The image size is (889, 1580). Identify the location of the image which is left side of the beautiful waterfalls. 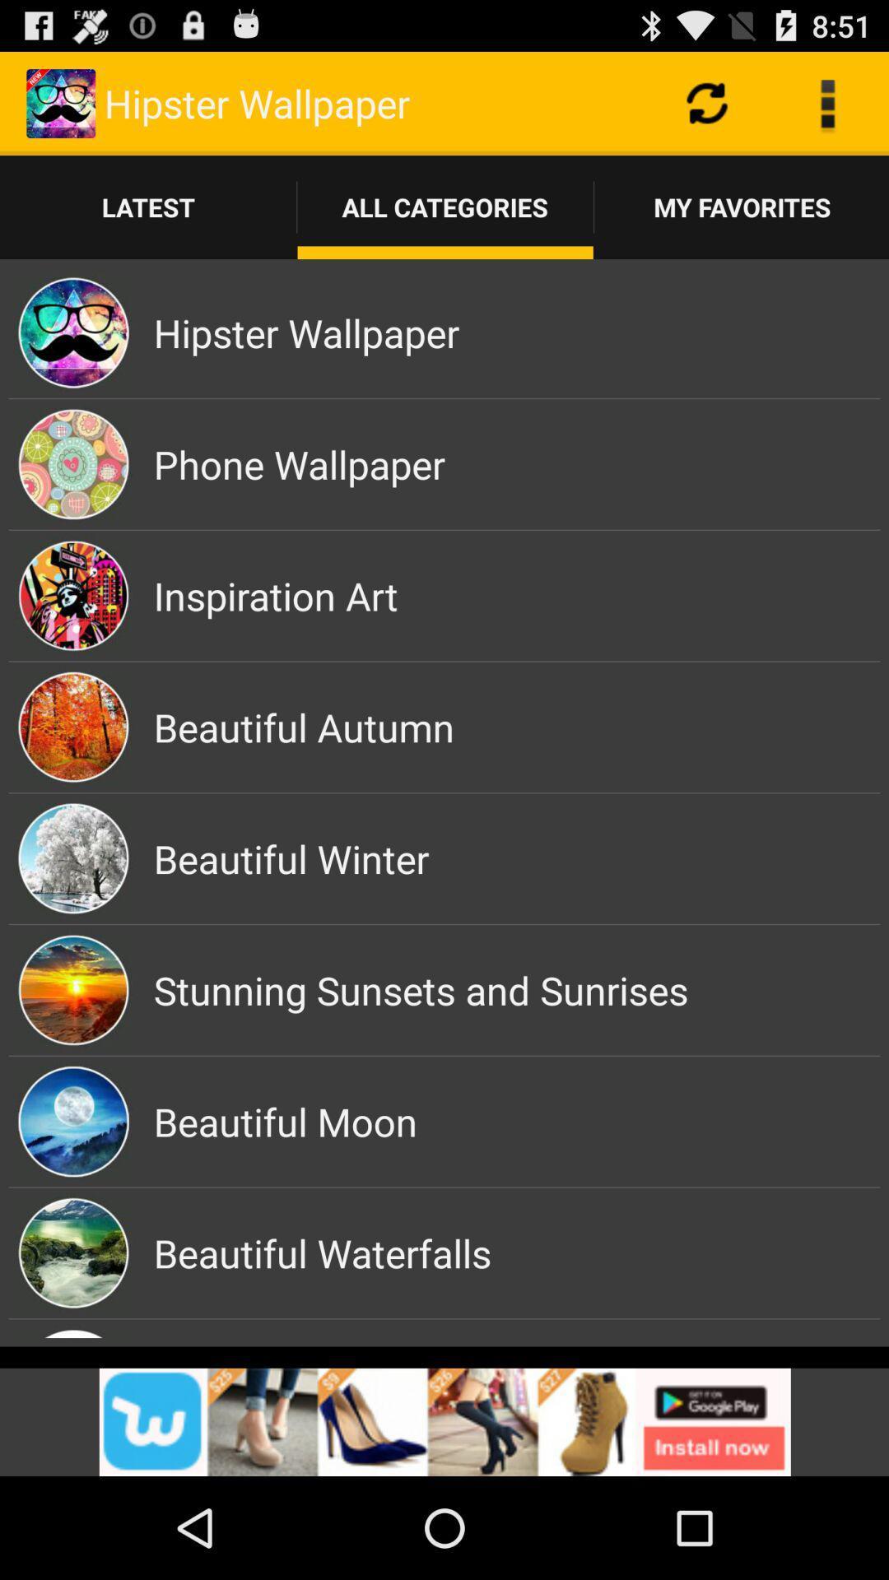
(72, 1252).